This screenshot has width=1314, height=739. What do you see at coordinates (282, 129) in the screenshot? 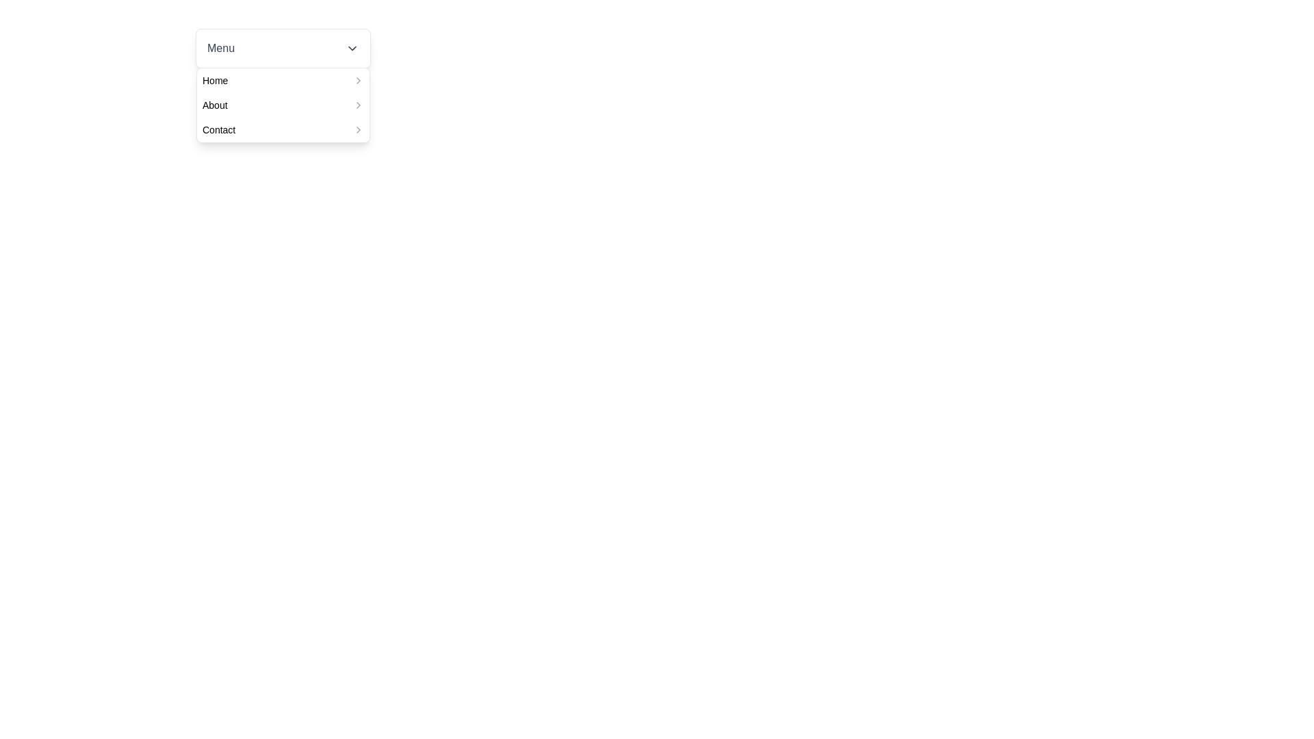
I see `the 'Contact' list item in the dropdown menu` at bounding box center [282, 129].